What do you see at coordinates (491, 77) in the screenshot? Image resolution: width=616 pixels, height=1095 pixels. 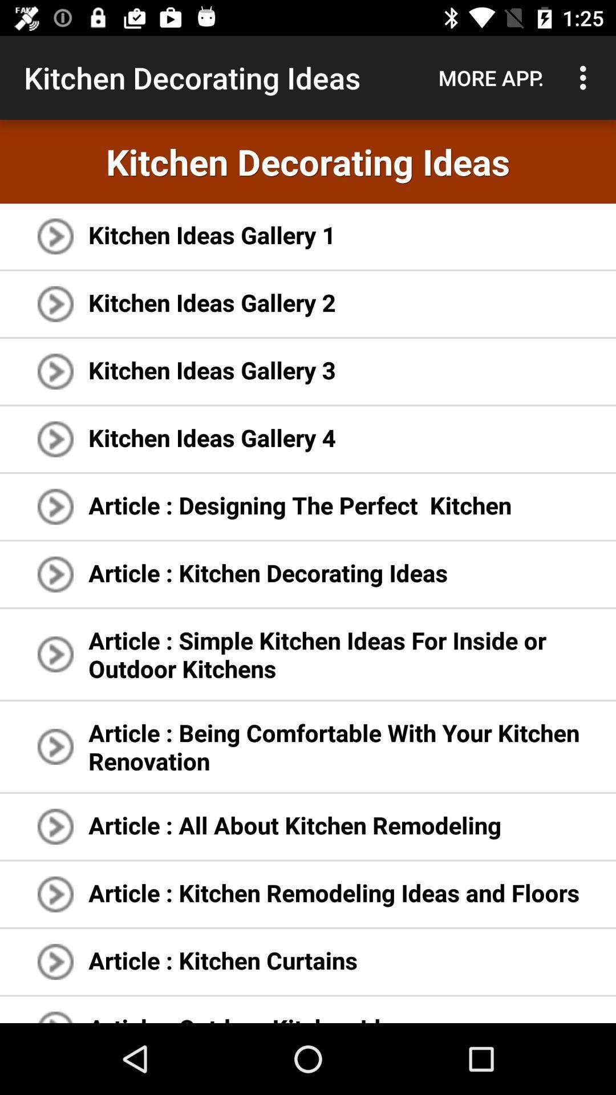 I see `app to the right of the kitchen decorating ideas item` at bounding box center [491, 77].